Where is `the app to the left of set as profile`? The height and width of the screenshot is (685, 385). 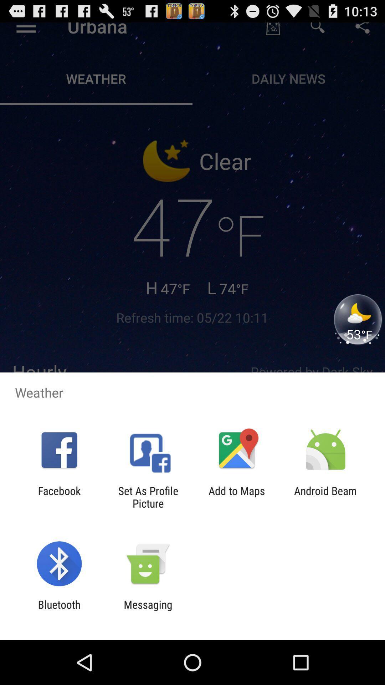
the app to the left of set as profile is located at coordinates (59, 497).